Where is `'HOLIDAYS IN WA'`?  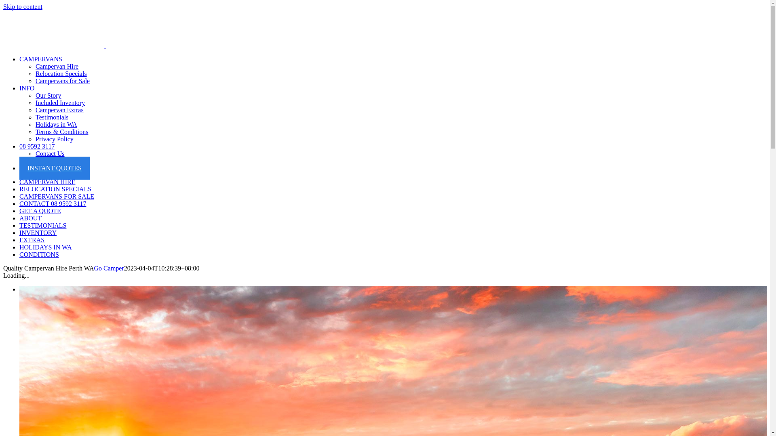
'HOLIDAYS IN WA' is located at coordinates (45, 247).